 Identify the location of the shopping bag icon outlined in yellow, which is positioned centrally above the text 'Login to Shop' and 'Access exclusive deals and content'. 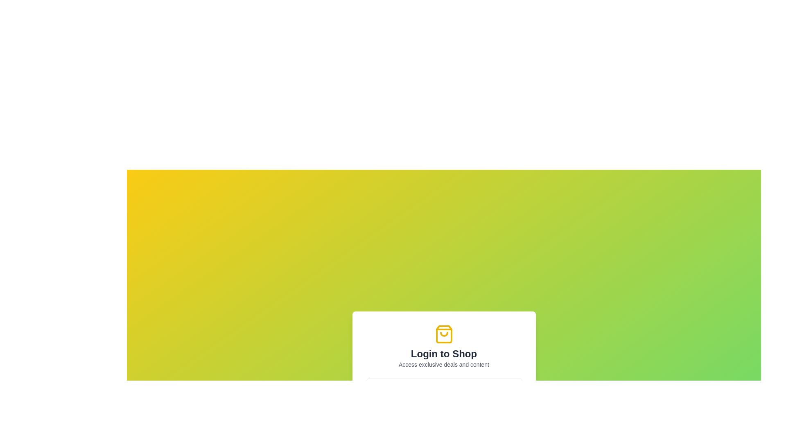
(443, 334).